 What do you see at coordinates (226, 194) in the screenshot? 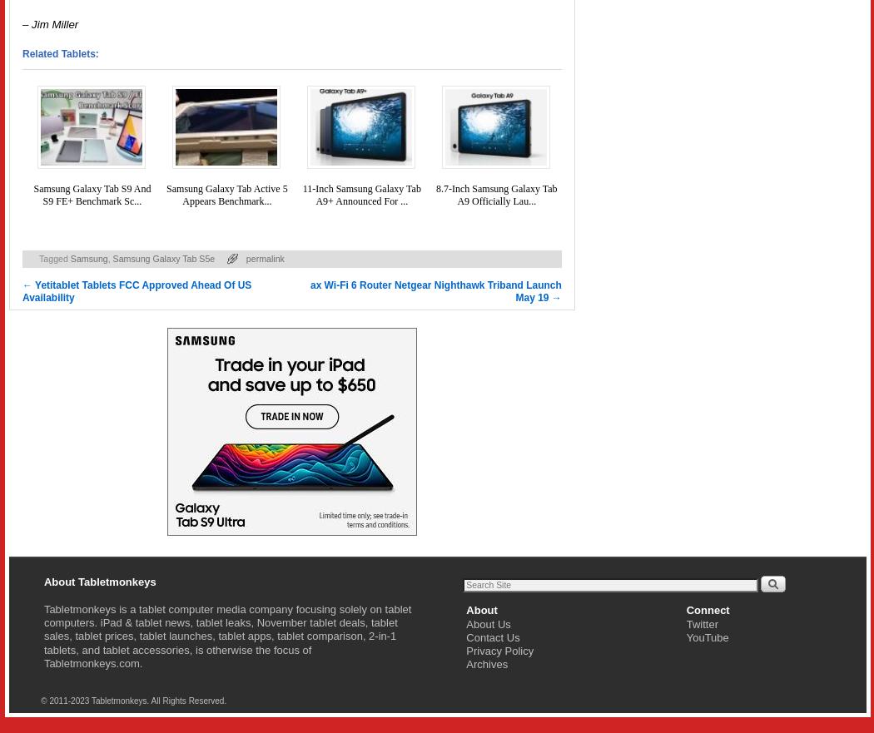
I see `'Samsung Galaxy Tab Active 5 Appears Benchmark...'` at bounding box center [226, 194].